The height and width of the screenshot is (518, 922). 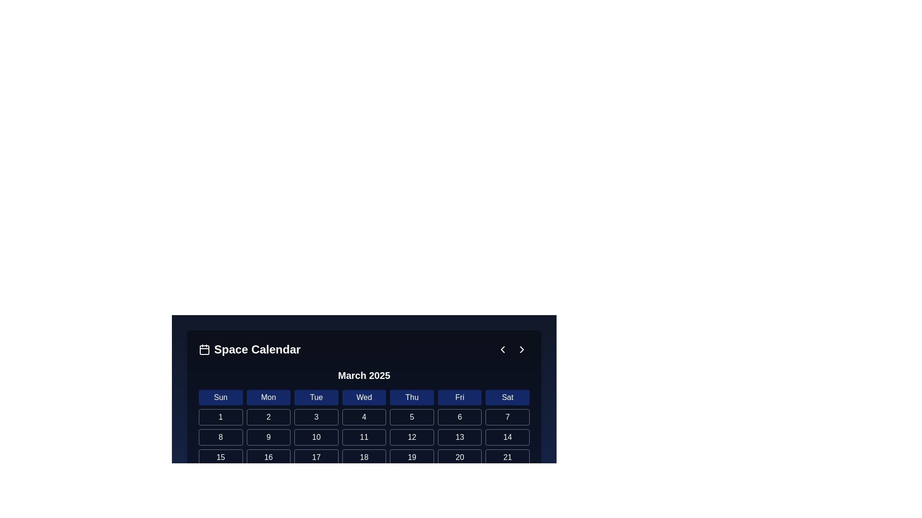 What do you see at coordinates (268, 497) in the screenshot?
I see `the Calendar Day Cell representing Saturday in the 5th row` at bounding box center [268, 497].